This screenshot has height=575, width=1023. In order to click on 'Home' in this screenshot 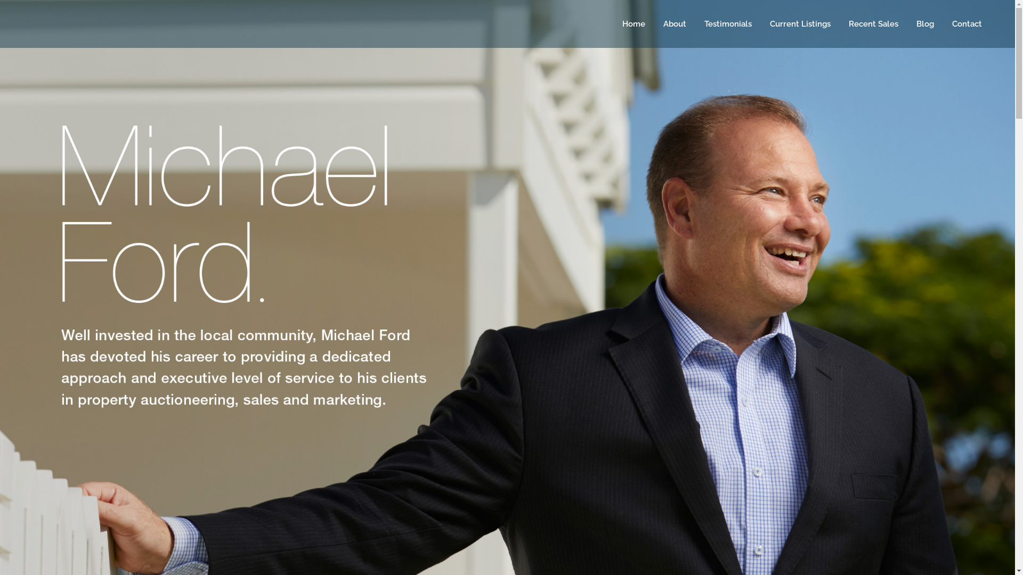, I will do `click(634, 24)`.